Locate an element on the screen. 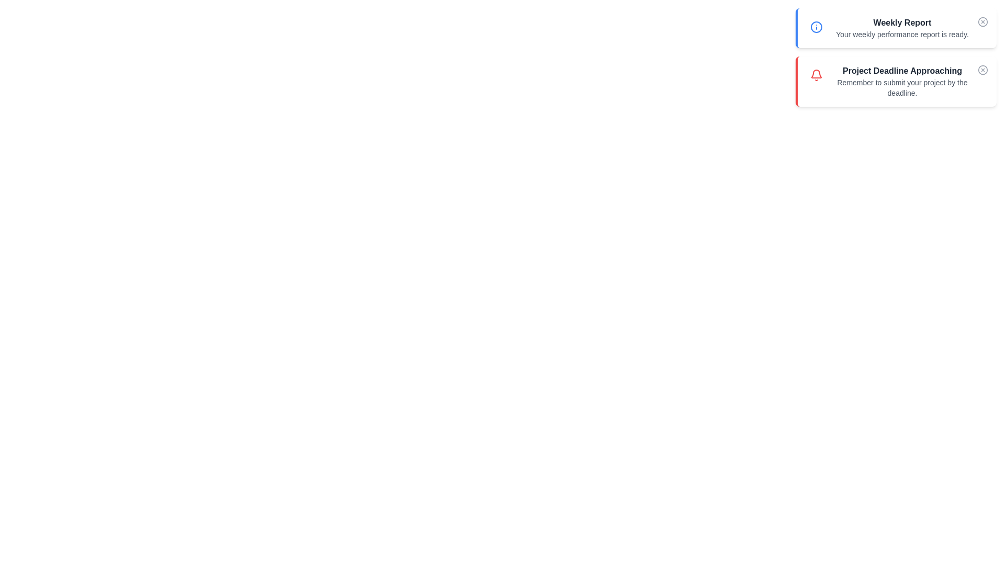  the notification to view its details is located at coordinates (896, 28).